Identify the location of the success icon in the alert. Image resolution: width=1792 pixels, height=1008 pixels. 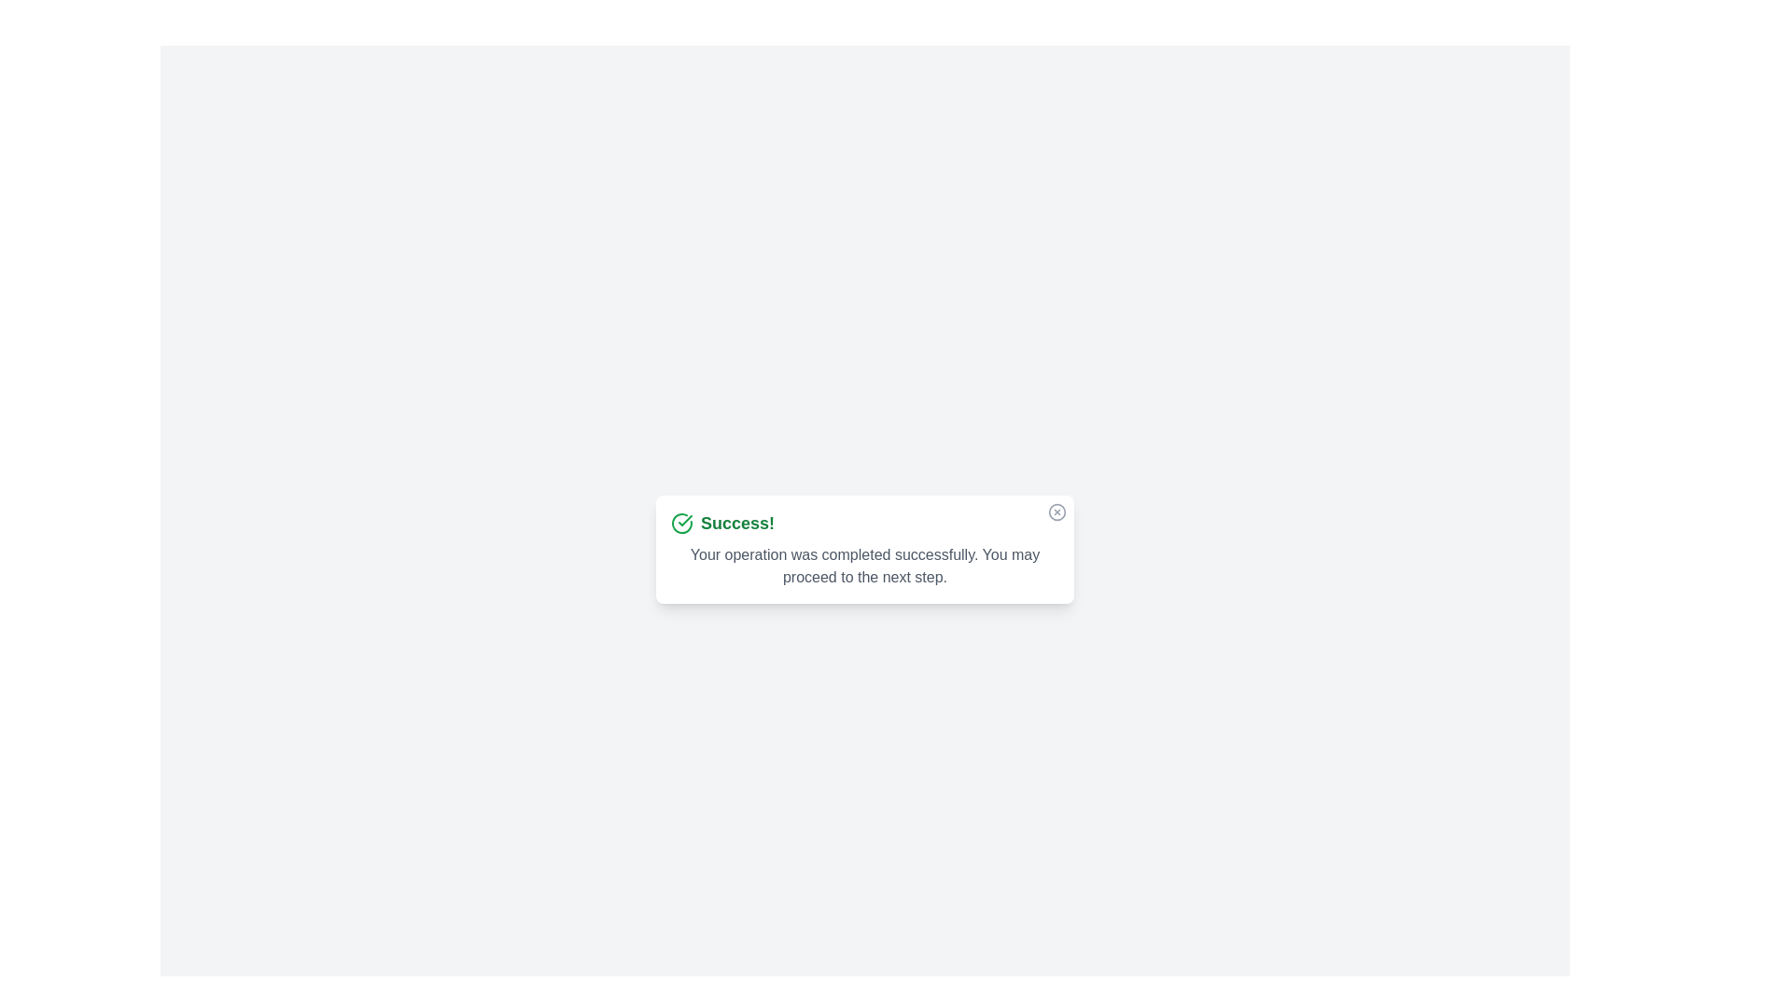
(680, 523).